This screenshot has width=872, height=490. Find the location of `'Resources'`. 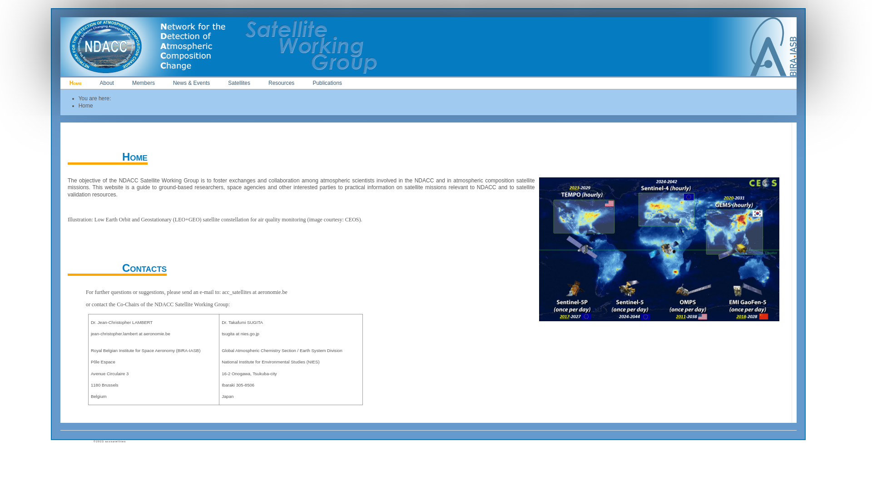

'Resources' is located at coordinates (281, 83).